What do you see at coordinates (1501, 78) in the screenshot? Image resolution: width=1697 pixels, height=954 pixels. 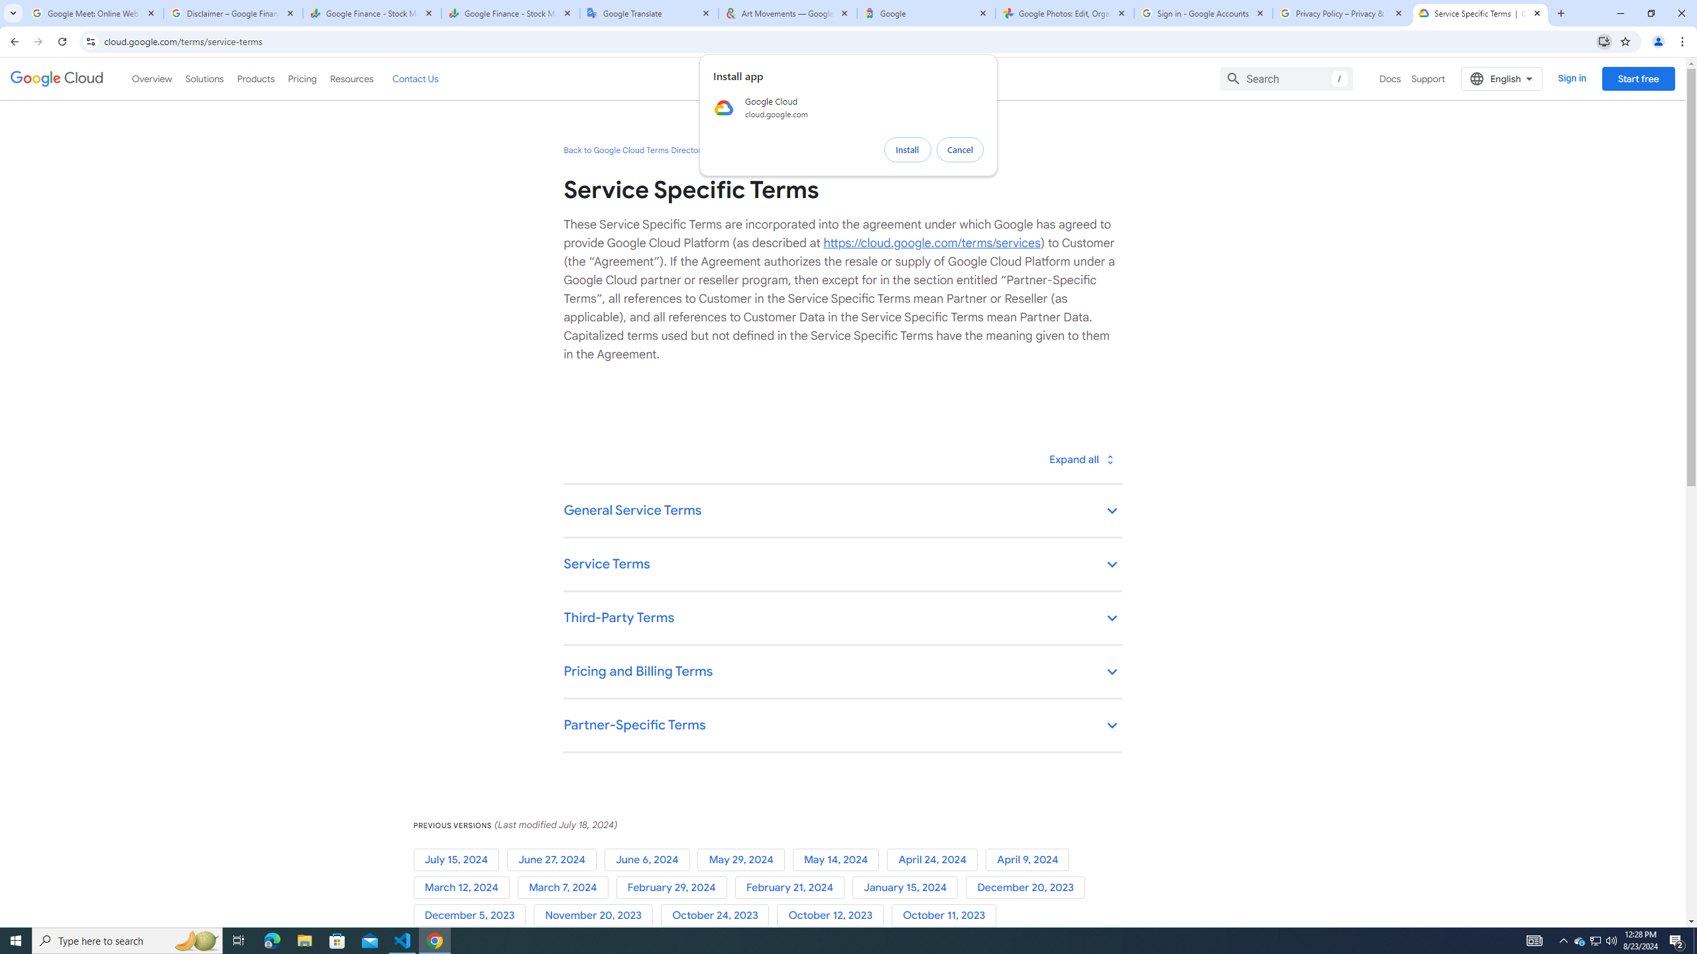 I see `'English'` at bounding box center [1501, 78].